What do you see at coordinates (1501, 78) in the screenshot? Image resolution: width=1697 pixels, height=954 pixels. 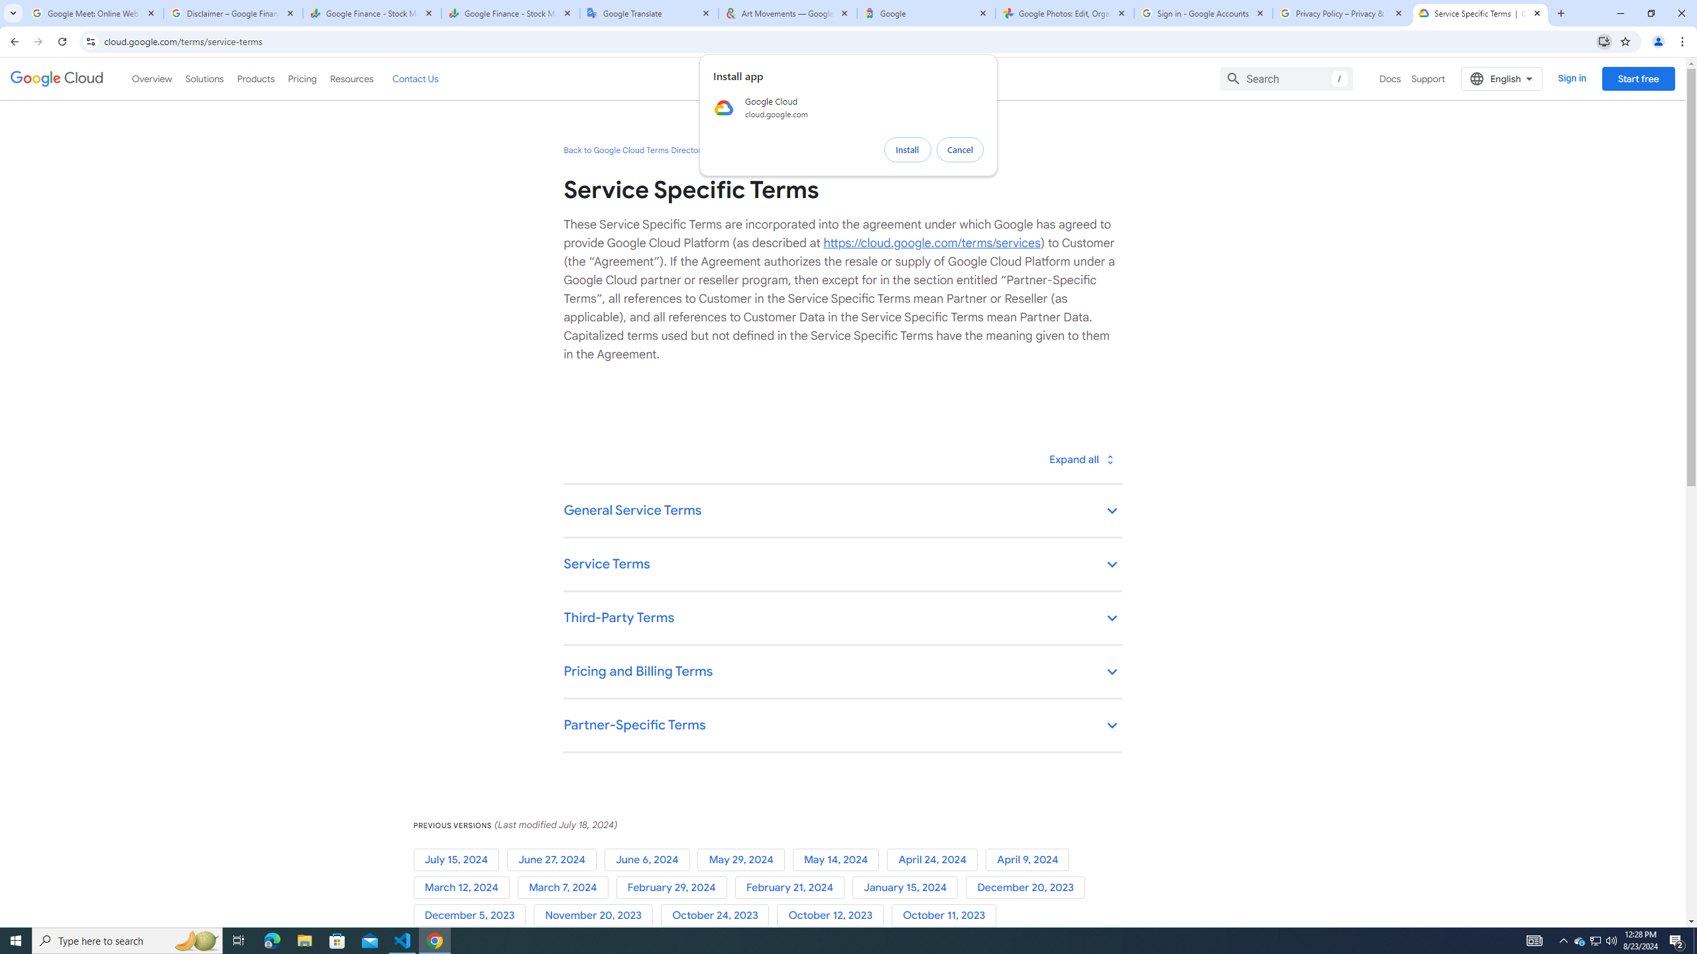 I see `'English'` at bounding box center [1501, 78].